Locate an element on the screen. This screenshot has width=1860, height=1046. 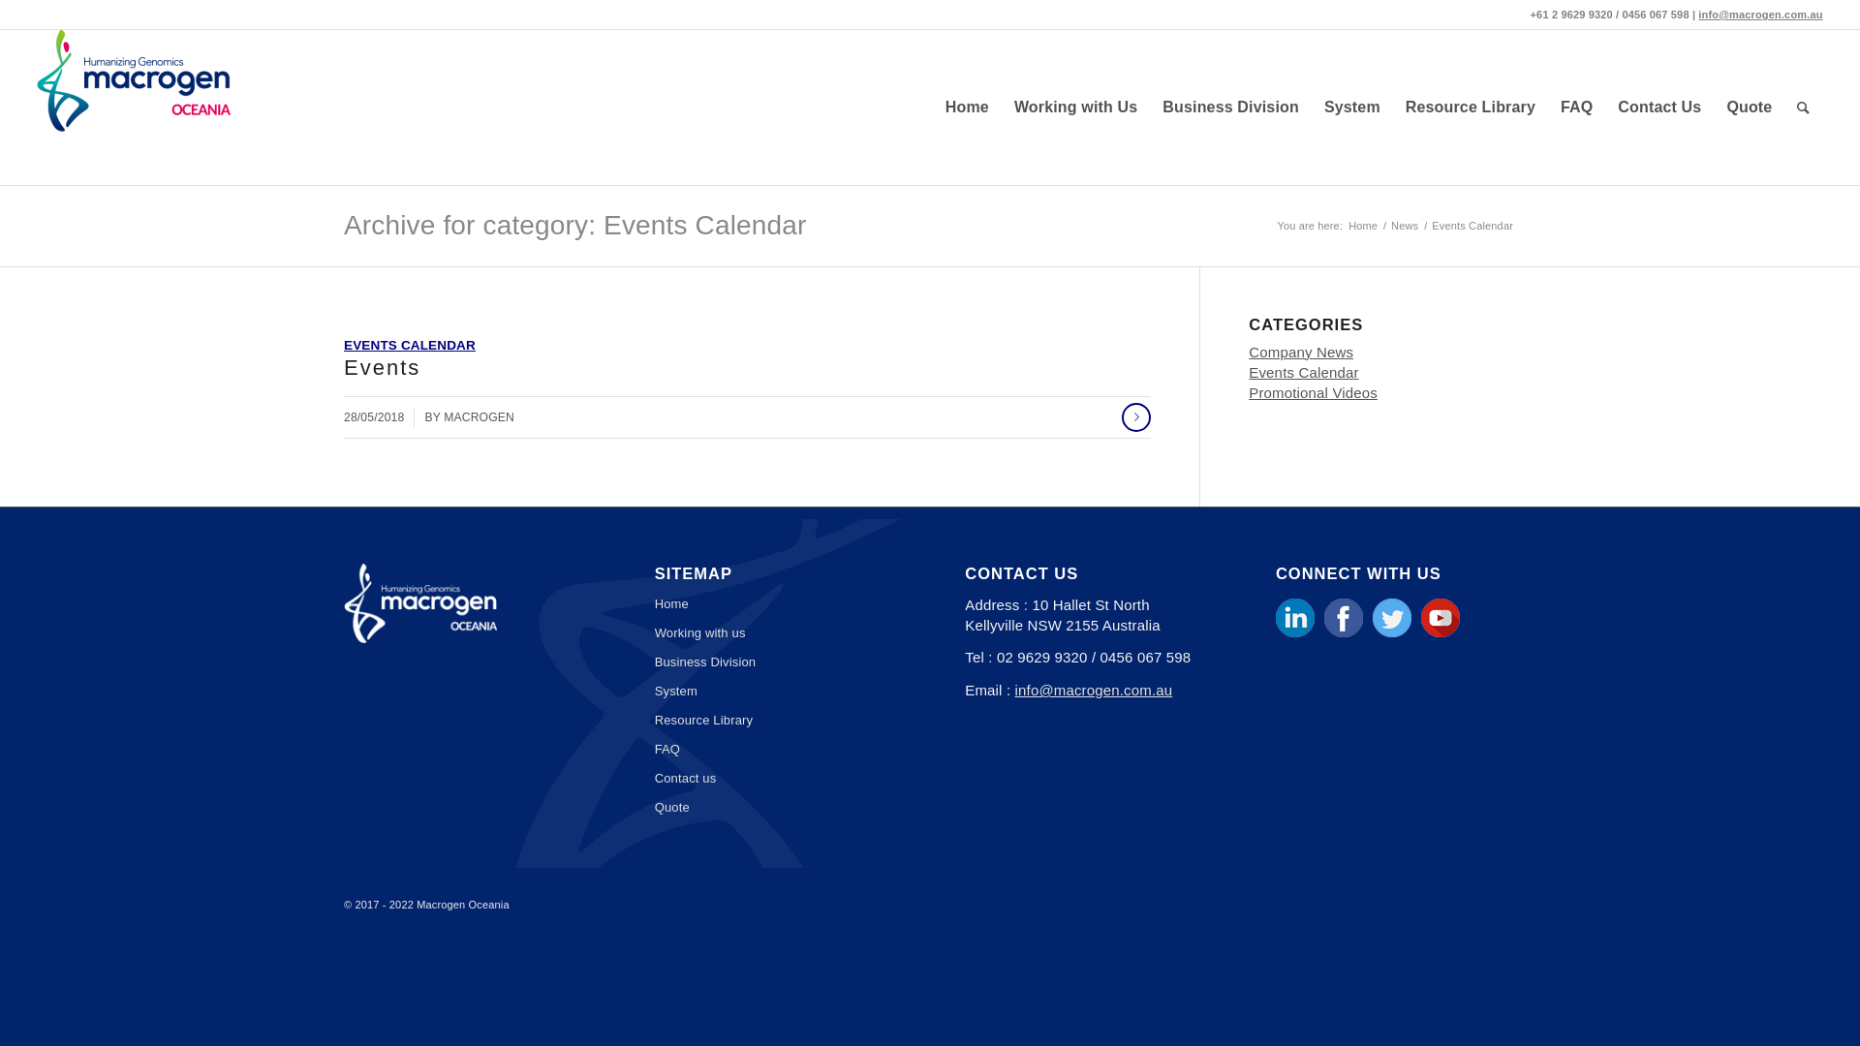
'Contact Us' is located at coordinates (1658, 108).